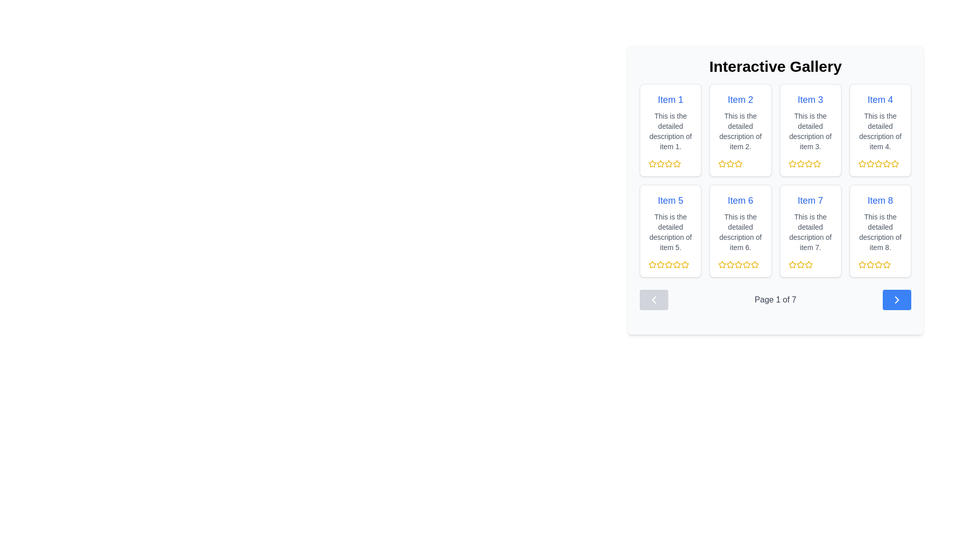 This screenshot has width=978, height=550. Describe the element at coordinates (886, 163) in the screenshot. I see `the sixth star in the rating system for 'Item 4'` at that location.